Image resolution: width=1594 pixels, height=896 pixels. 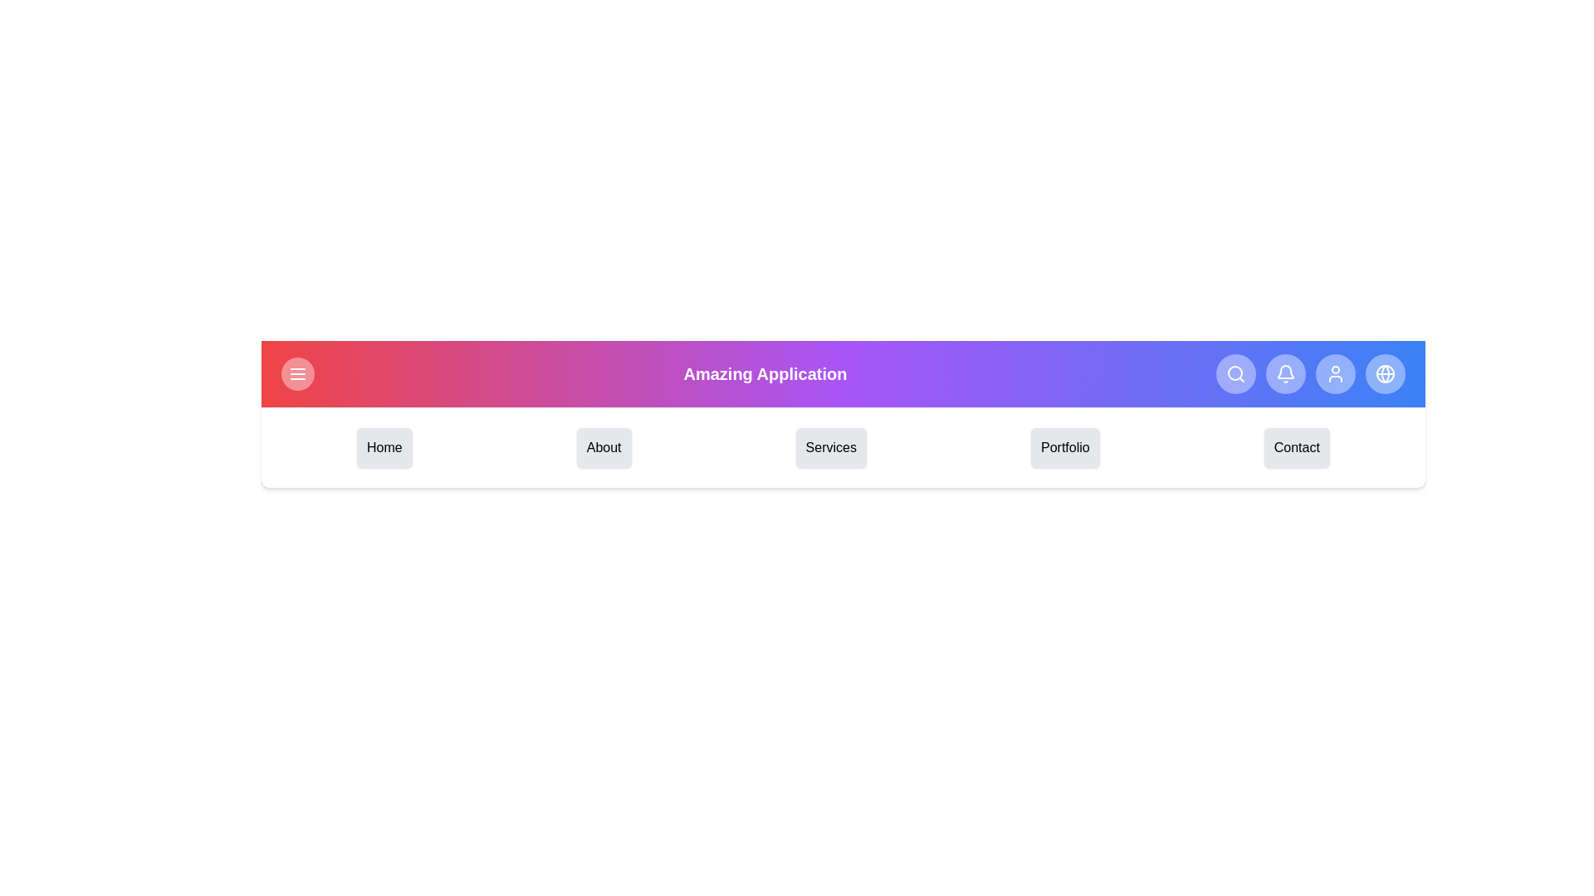 I want to click on the menu item Contact from the navigation bar, so click(x=1295, y=448).